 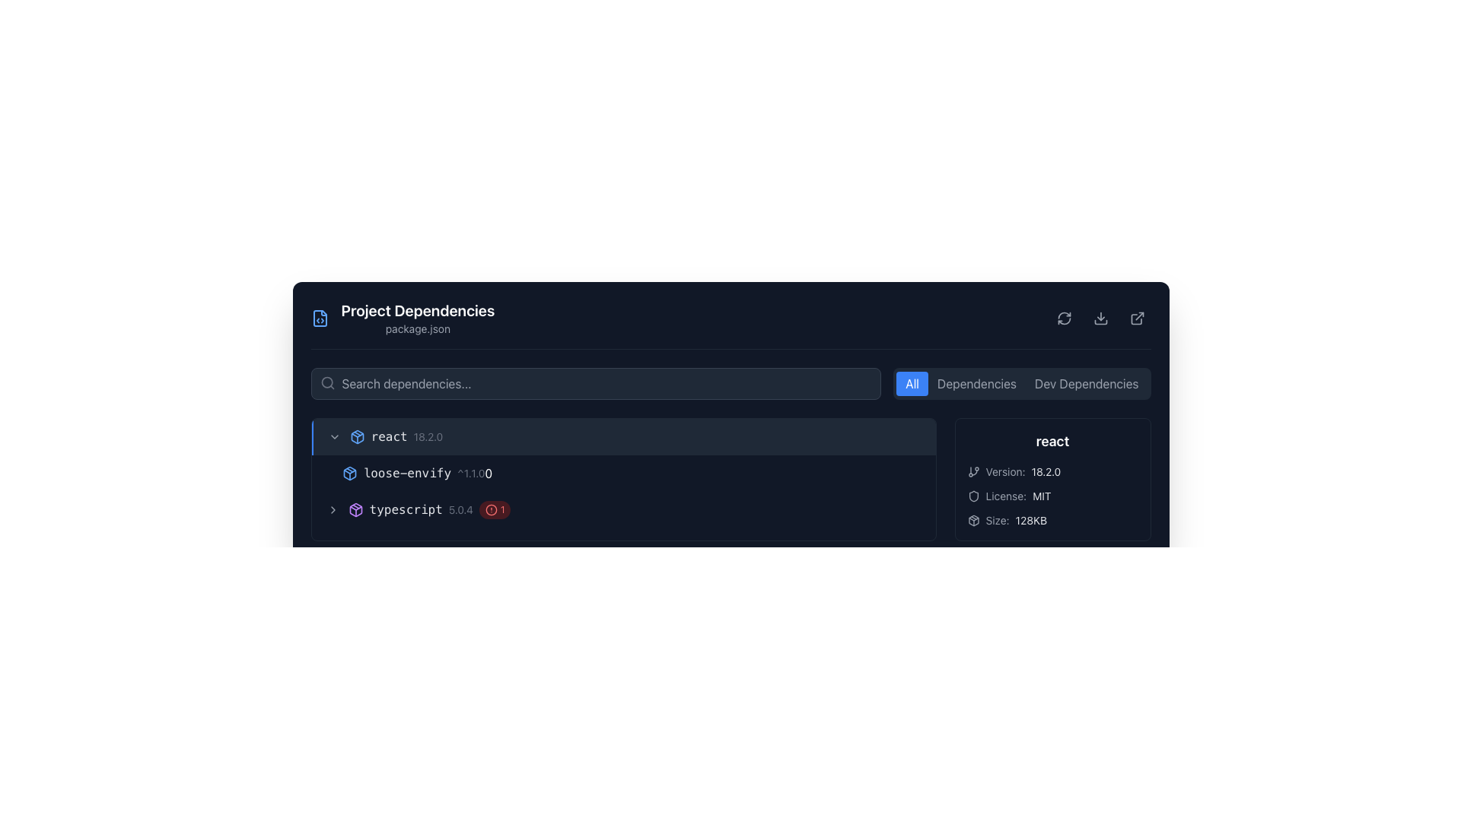 I want to click on the text label displaying 'react' in a monospaced font style, which is part of the Project Dependencies interface and positioned between a blue package icon and the version number '18.2.0', so click(x=389, y=436).